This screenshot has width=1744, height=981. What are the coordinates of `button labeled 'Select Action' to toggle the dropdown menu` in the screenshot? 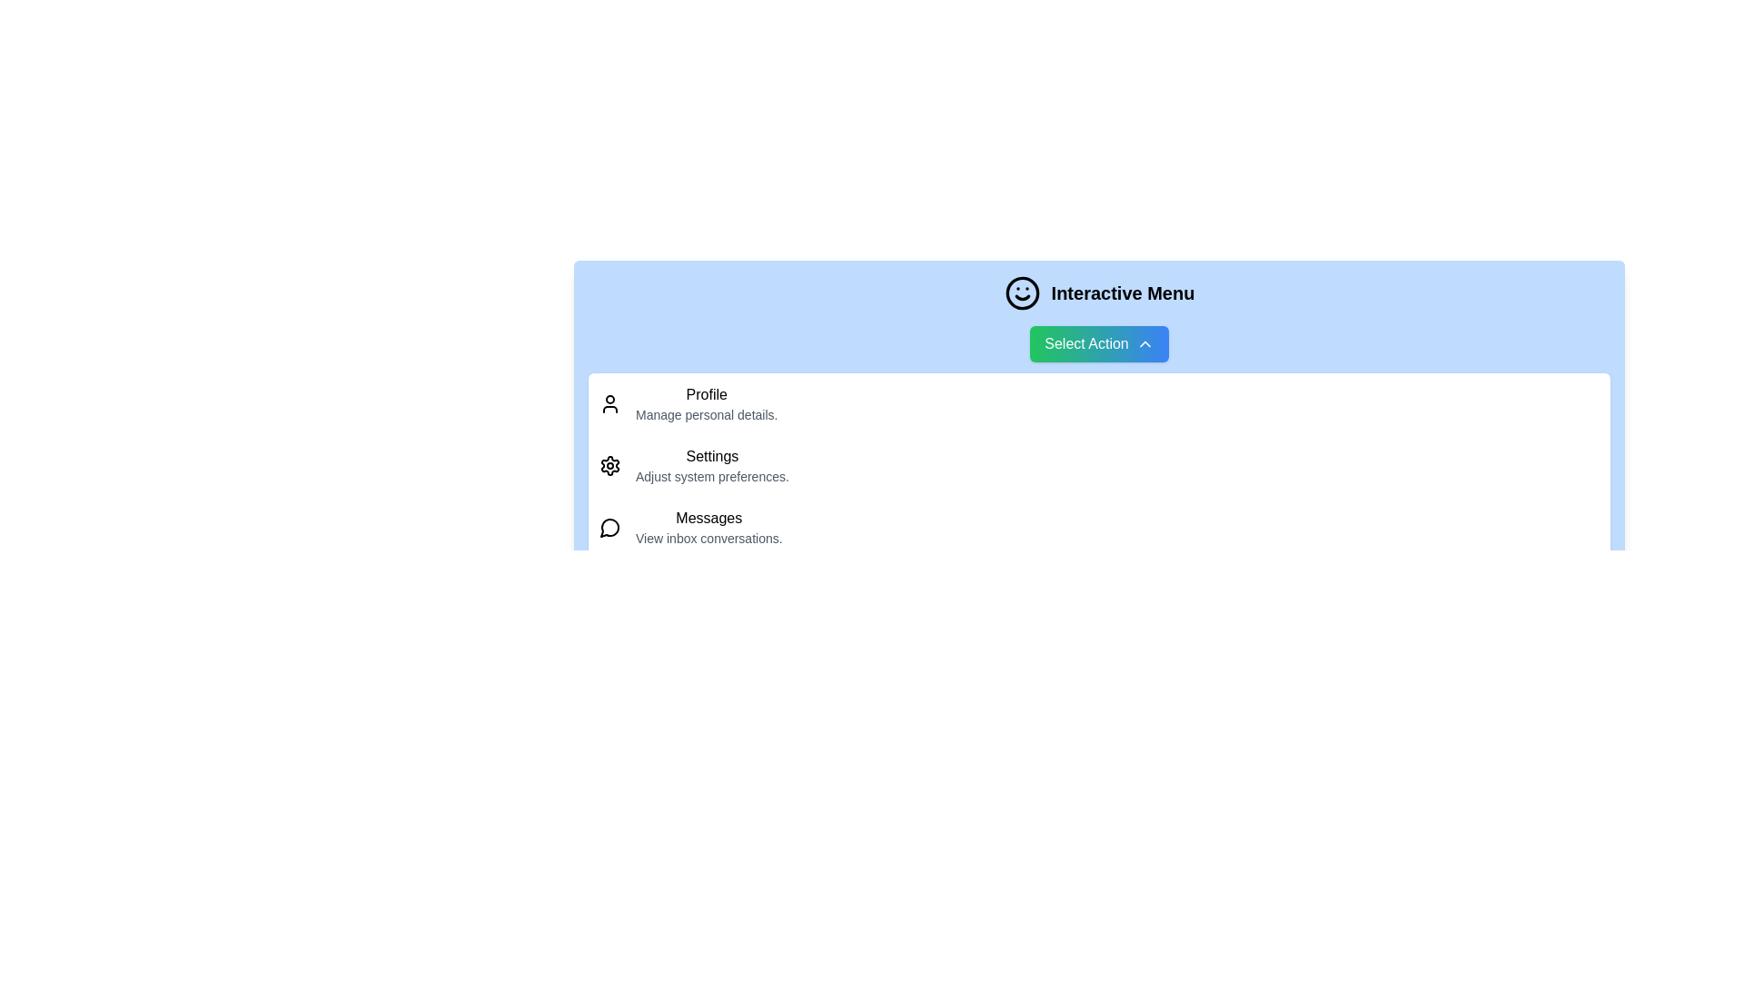 It's located at (1098, 343).